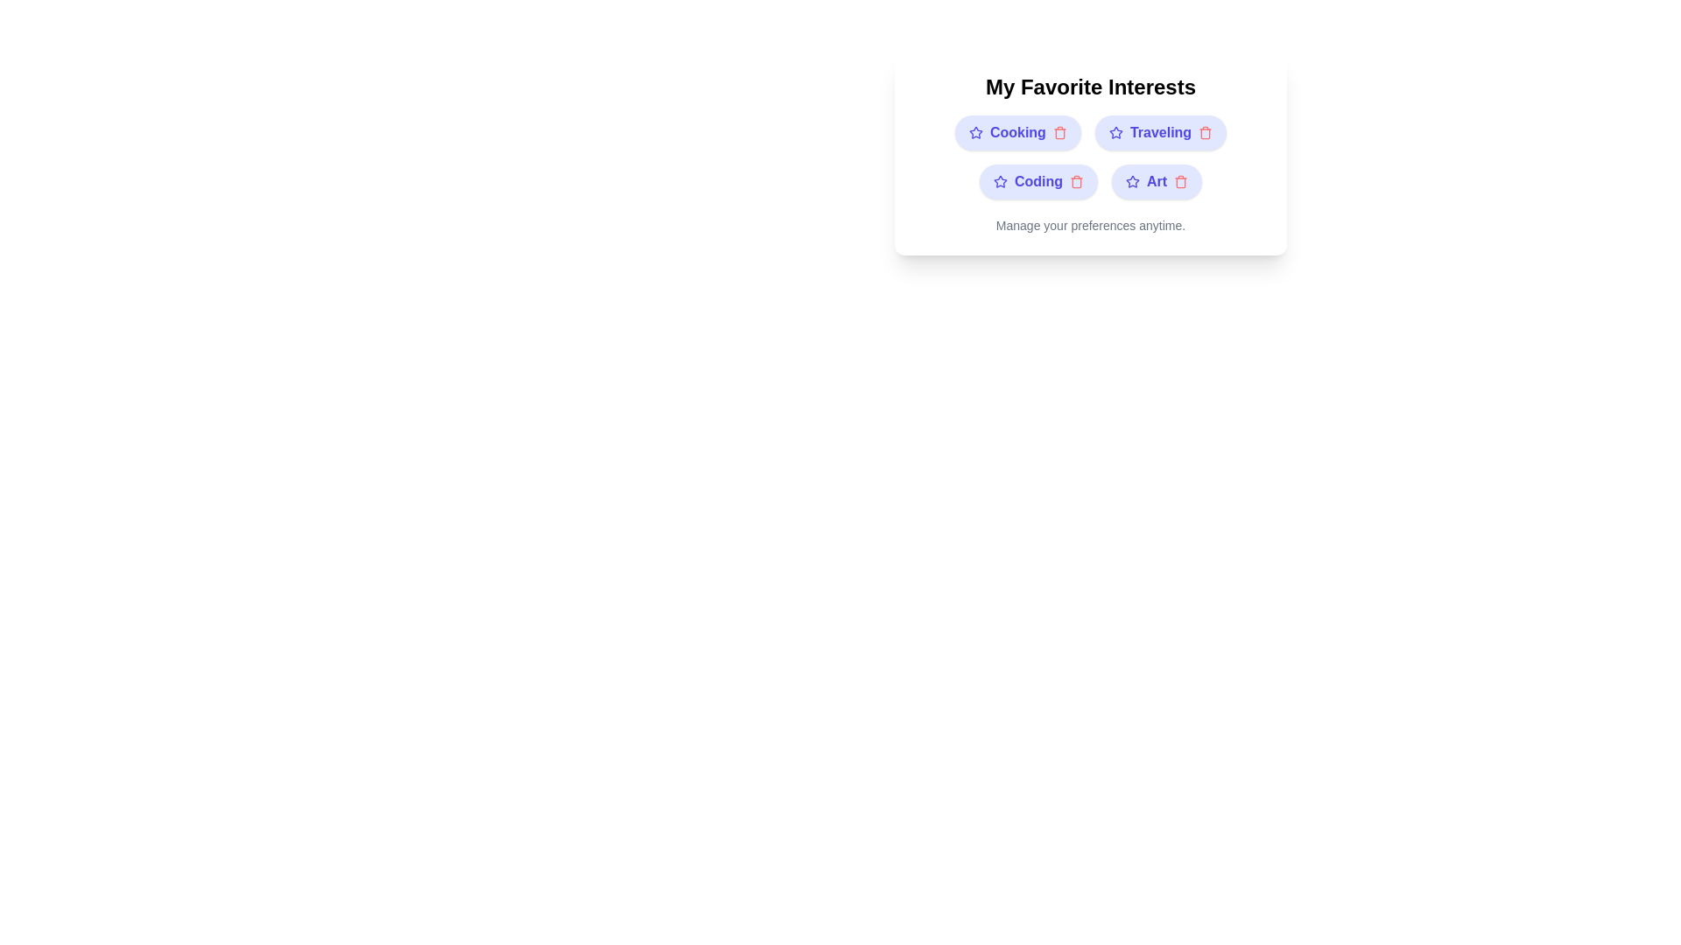 This screenshot has height=945, width=1681. What do you see at coordinates (1038, 182) in the screenshot?
I see `the interest tag Coding to observe the hover effect` at bounding box center [1038, 182].